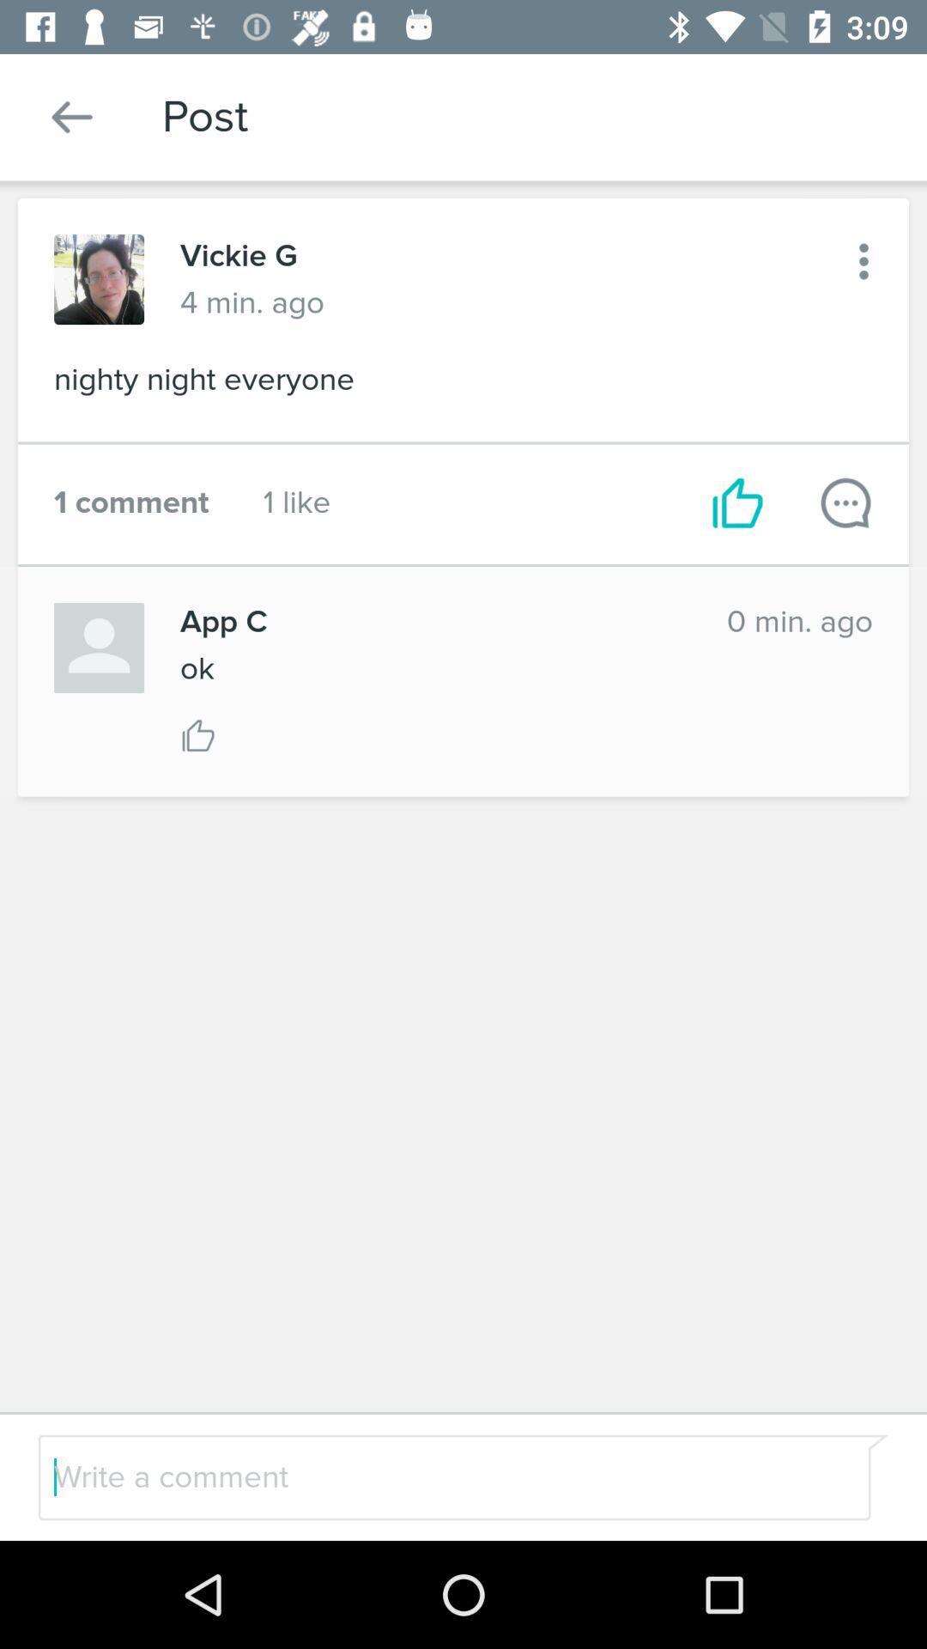 The height and width of the screenshot is (1649, 927). What do you see at coordinates (99, 279) in the screenshot?
I see `open this profile` at bounding box center [99, 279].